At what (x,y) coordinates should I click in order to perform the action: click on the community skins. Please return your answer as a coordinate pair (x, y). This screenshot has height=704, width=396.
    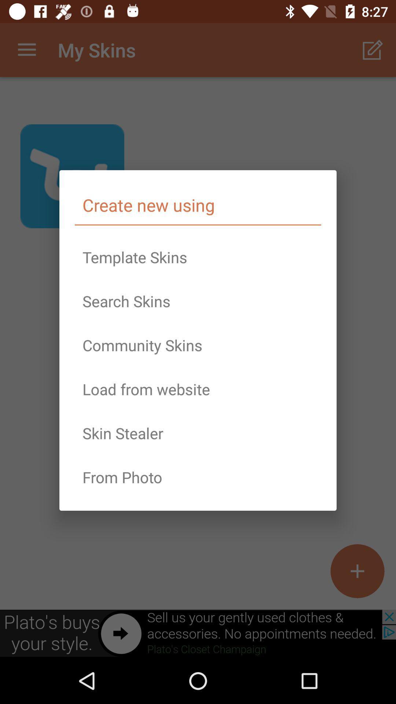
    Looking at the image, I should click on (198, 345).